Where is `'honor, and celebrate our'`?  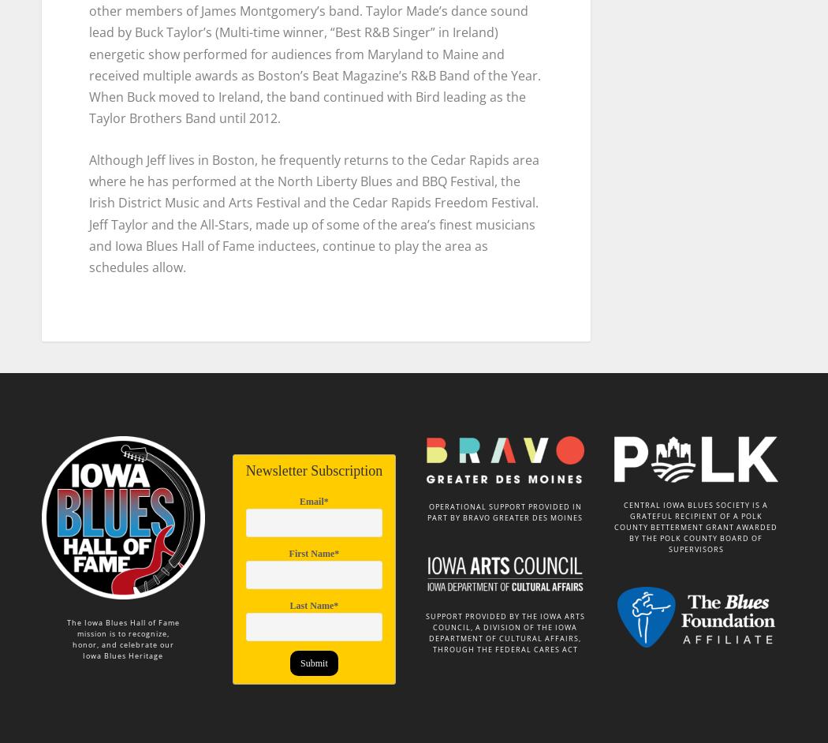 'honor, and celebrate our' is located at coordinates (122, 636).